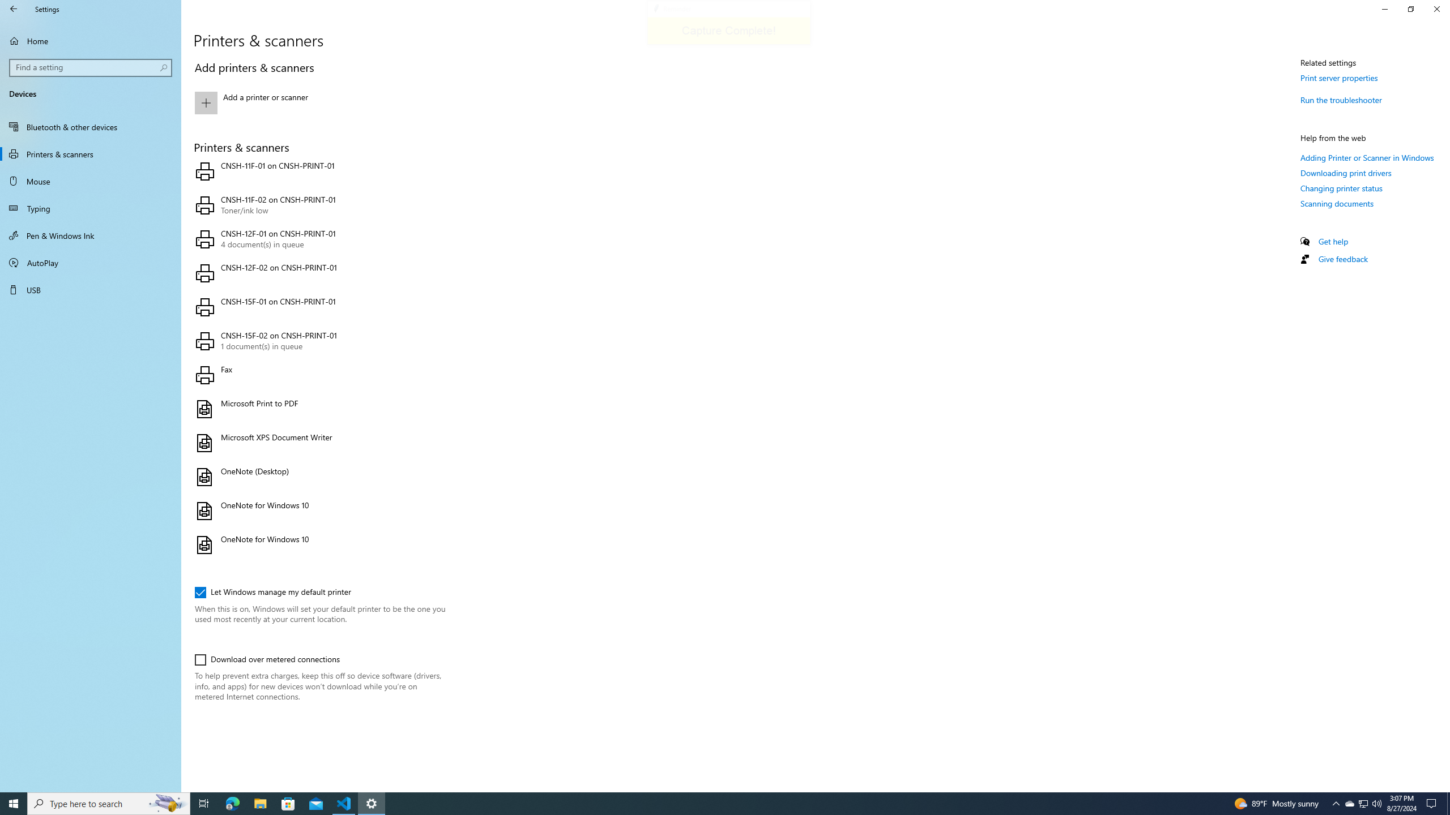 The width and height of the screenshot is (1450, 815). I want to click on 'Download over metered connections', so click(267, 659).